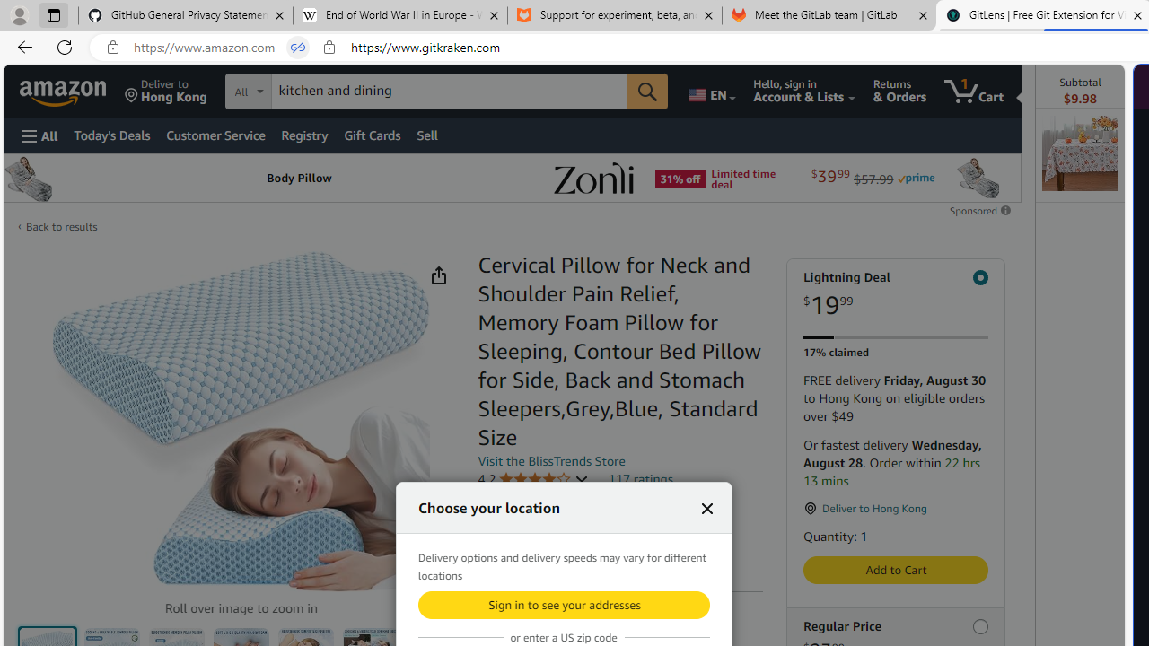 This screenshot has width=1149, height=646. Describe the element at coordinates (710, 91) in the screenshot. I see `'Choose a language for shopping.'` at that location.